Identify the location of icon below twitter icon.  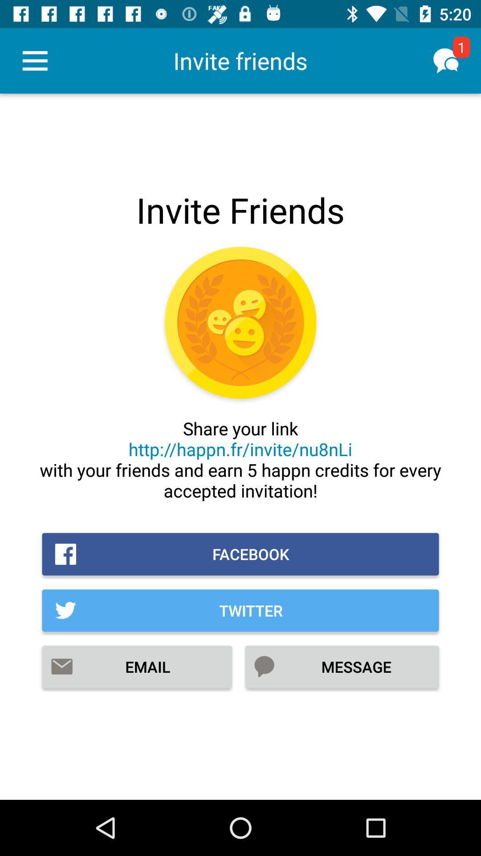
(137, 667).